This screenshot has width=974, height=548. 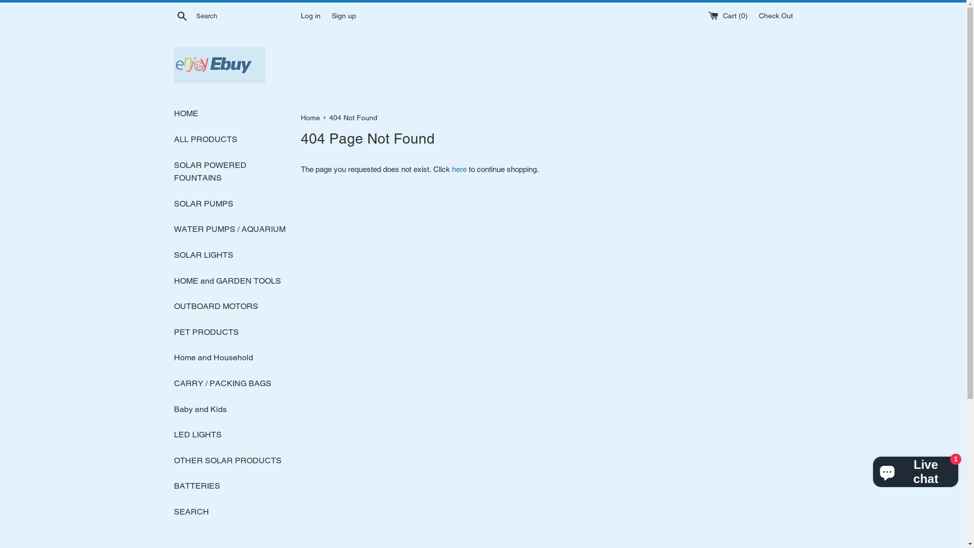 I want to click on 'Home', so click(x=310, y=117).